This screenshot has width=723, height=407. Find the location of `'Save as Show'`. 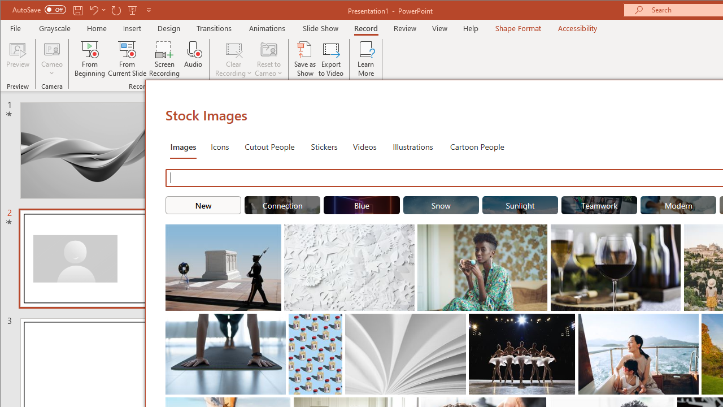

'Save as Show' is located at coordinates (305, 59).